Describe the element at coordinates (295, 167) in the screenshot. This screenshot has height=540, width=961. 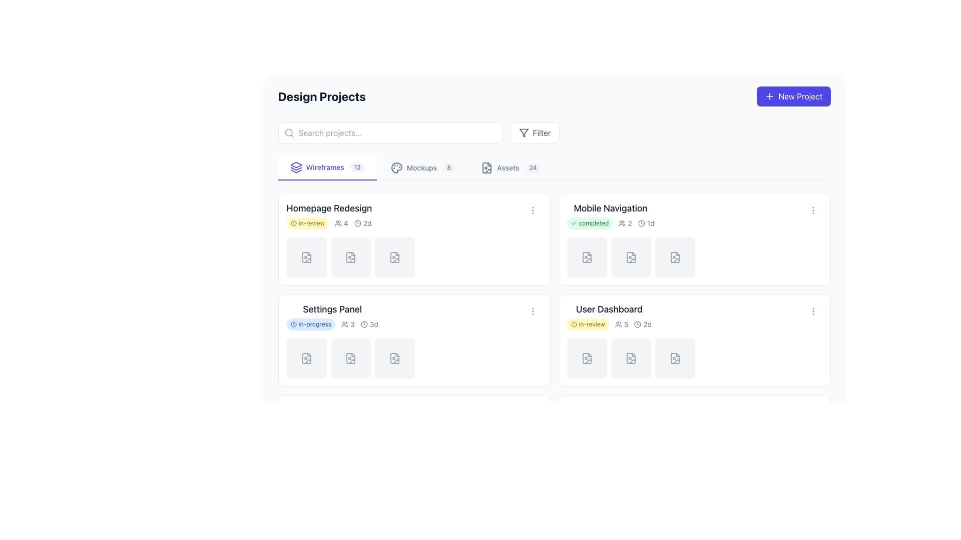
I see `the 'Wireframes' icon located in the tab bar, which is positioned to the left of the 'Wireframes' text and before the numeric badge displaying '12'` at that location.